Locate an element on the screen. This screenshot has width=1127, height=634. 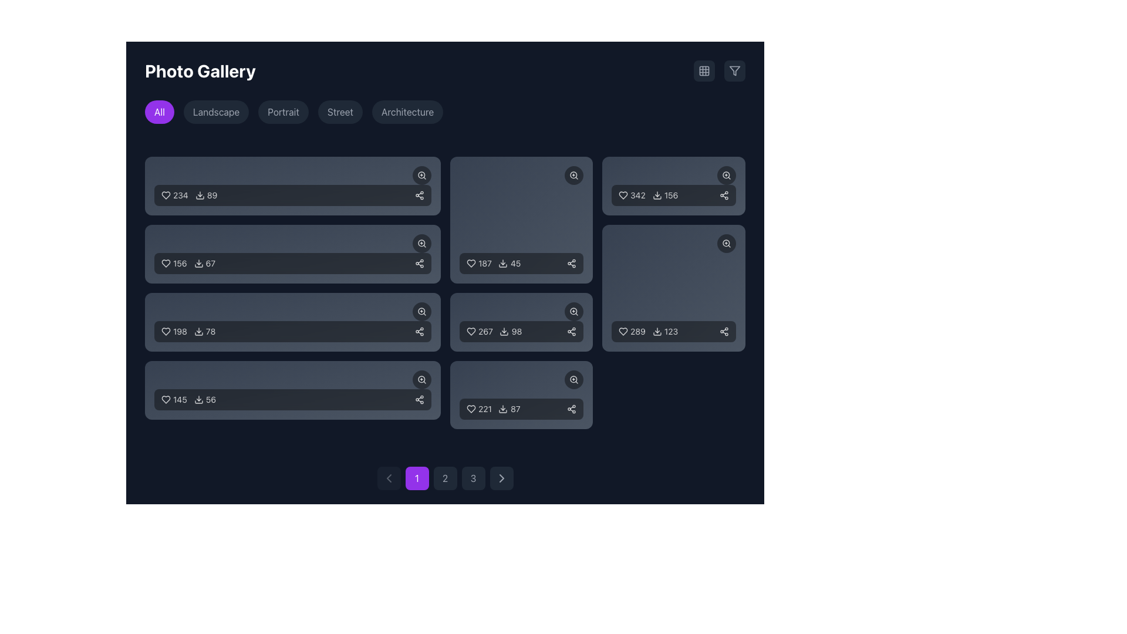
the download icon in the Metric display component, which shows '87' next to a download icon is located at coordinates (493, 409).